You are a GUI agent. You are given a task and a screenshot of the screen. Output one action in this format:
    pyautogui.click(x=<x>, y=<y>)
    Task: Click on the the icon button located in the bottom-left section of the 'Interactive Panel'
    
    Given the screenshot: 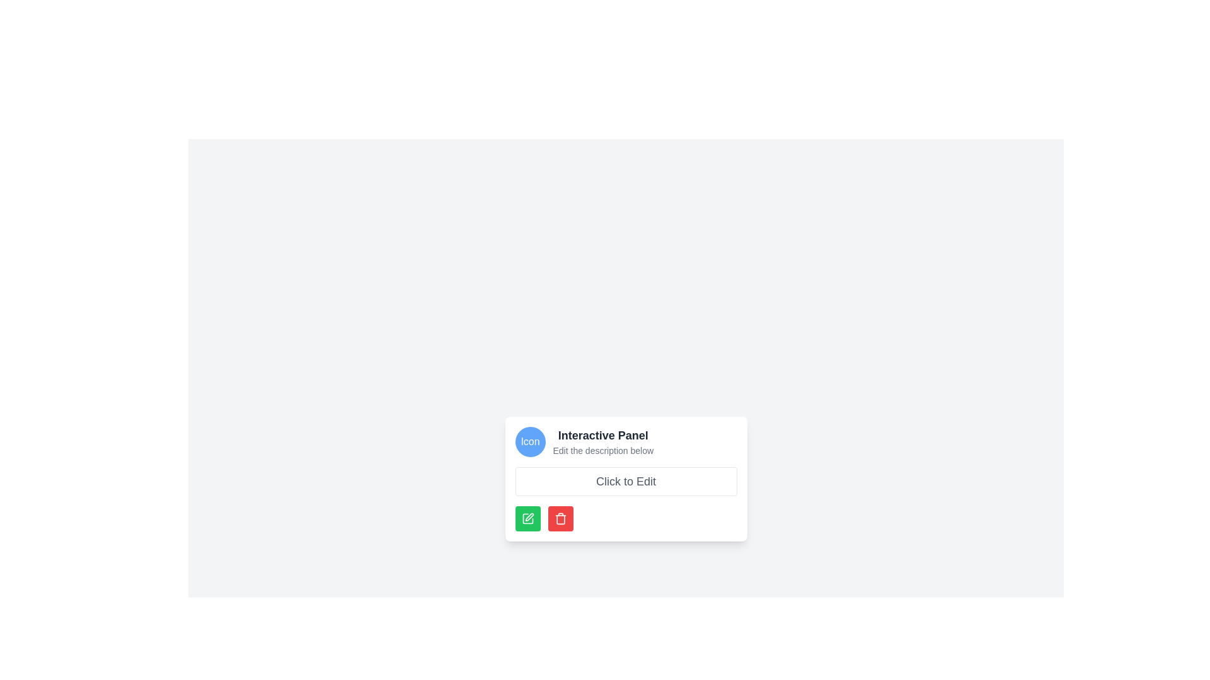 What is the action you would take?
    pyautogui.click(x=527, y=519)
    